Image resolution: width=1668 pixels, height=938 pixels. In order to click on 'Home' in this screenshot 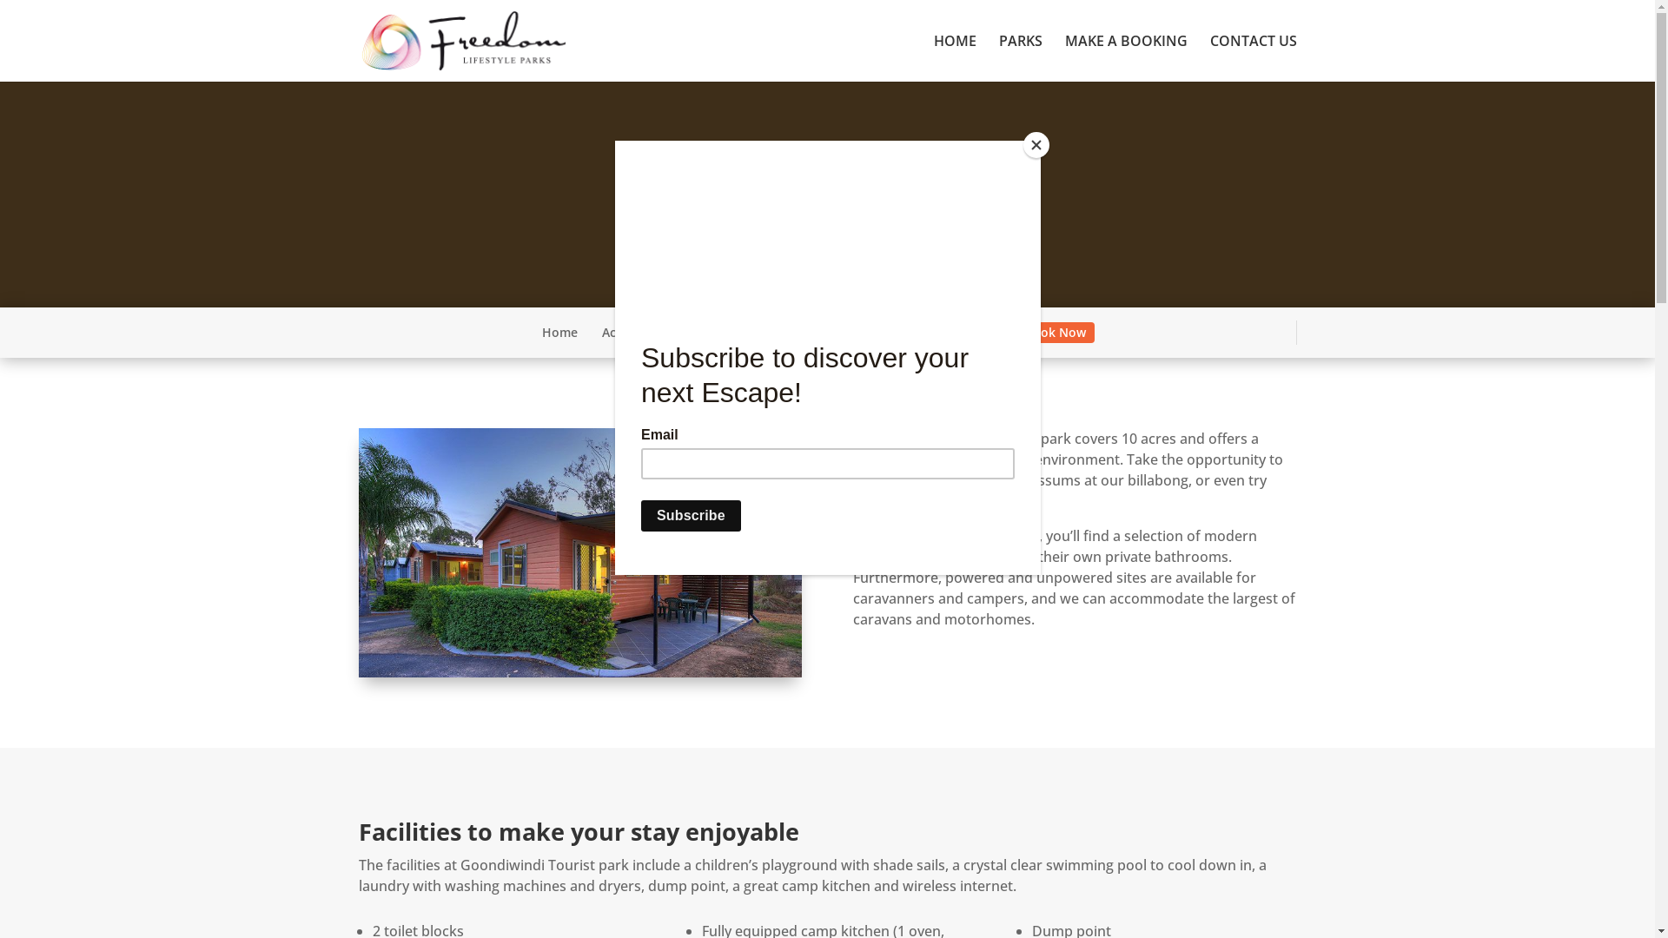, I will do `click(559, 332)`.